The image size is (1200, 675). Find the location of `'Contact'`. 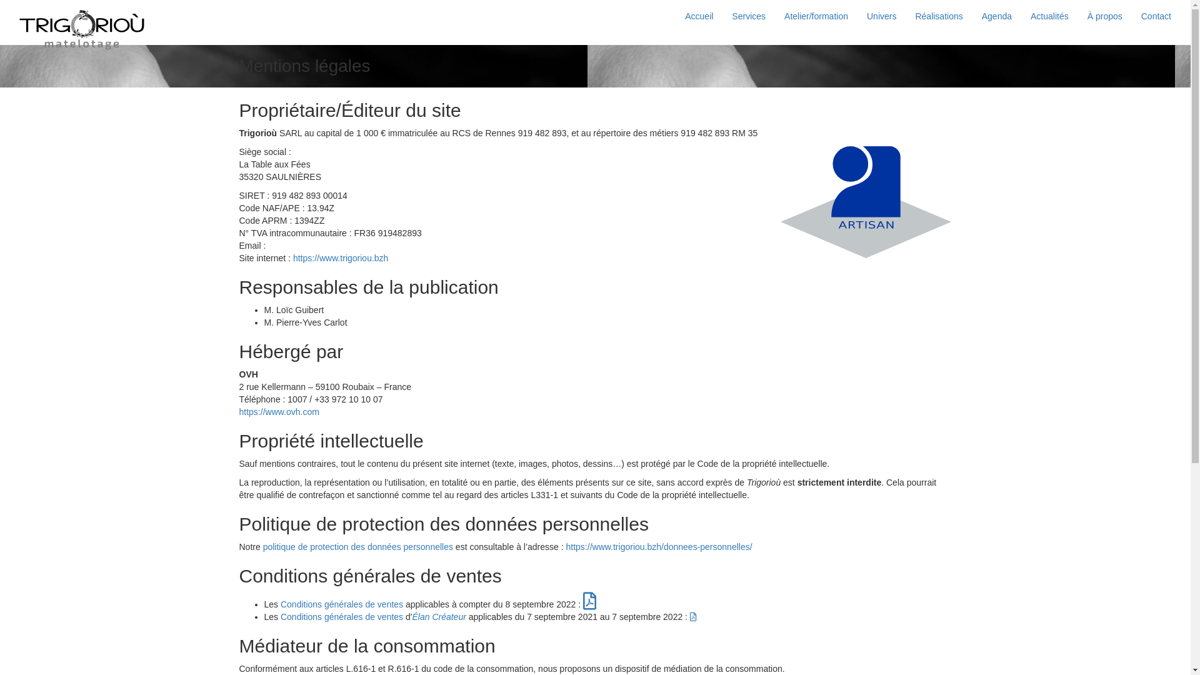

'Contact' is located at coordinates (1155, 16).